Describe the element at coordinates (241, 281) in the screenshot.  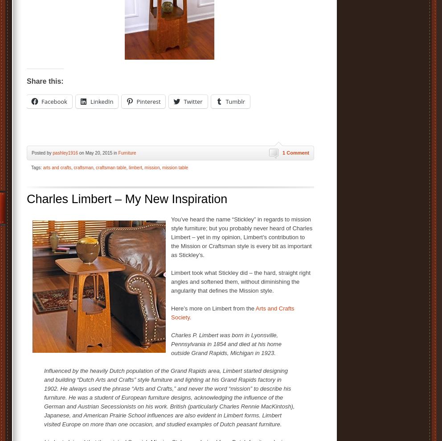
I see `'Limbert took what Stickley did – the hard, straight right angles and softened them, without diminishing the angularity that defines the Mission style.'` at that location.